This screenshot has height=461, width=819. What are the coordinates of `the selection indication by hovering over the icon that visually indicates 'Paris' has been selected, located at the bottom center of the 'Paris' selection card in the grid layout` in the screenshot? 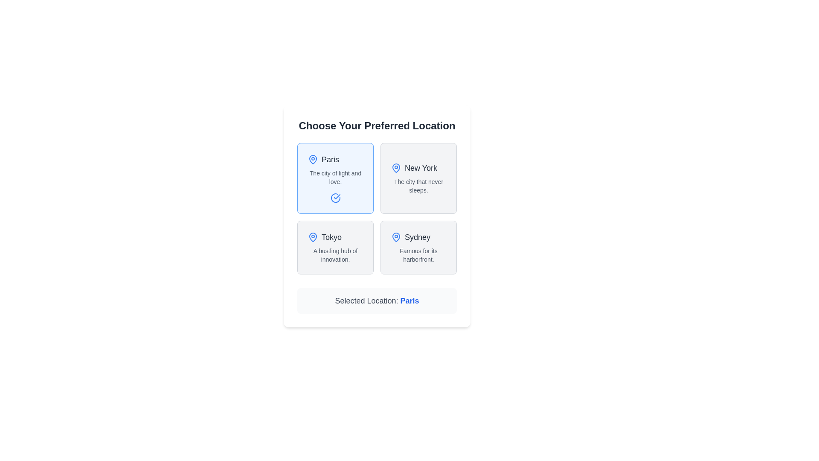 It's located at (335, 198).